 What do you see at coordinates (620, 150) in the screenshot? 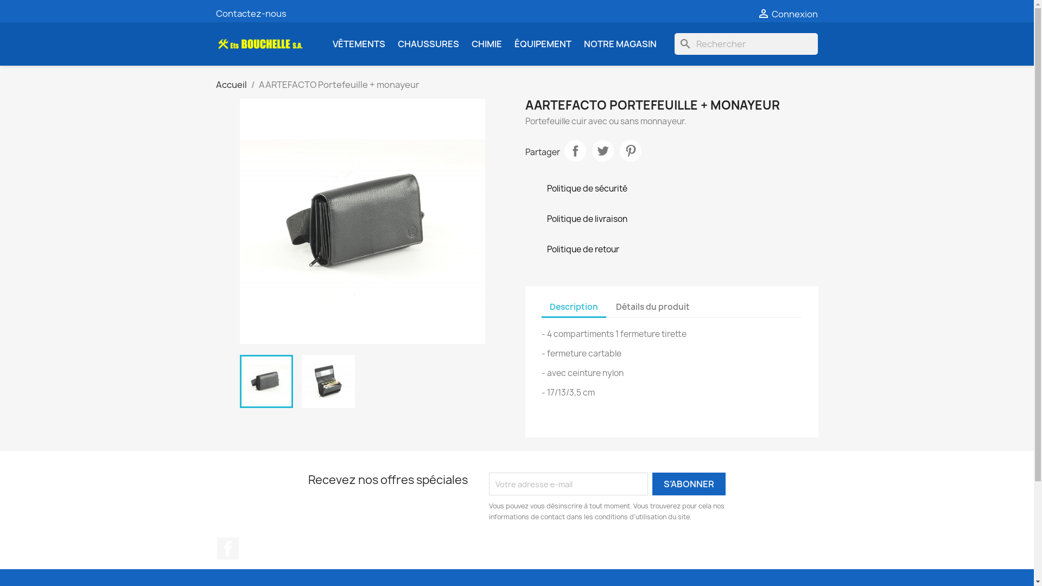
I see `'Pinterest'` at bounding box center [620, 150].